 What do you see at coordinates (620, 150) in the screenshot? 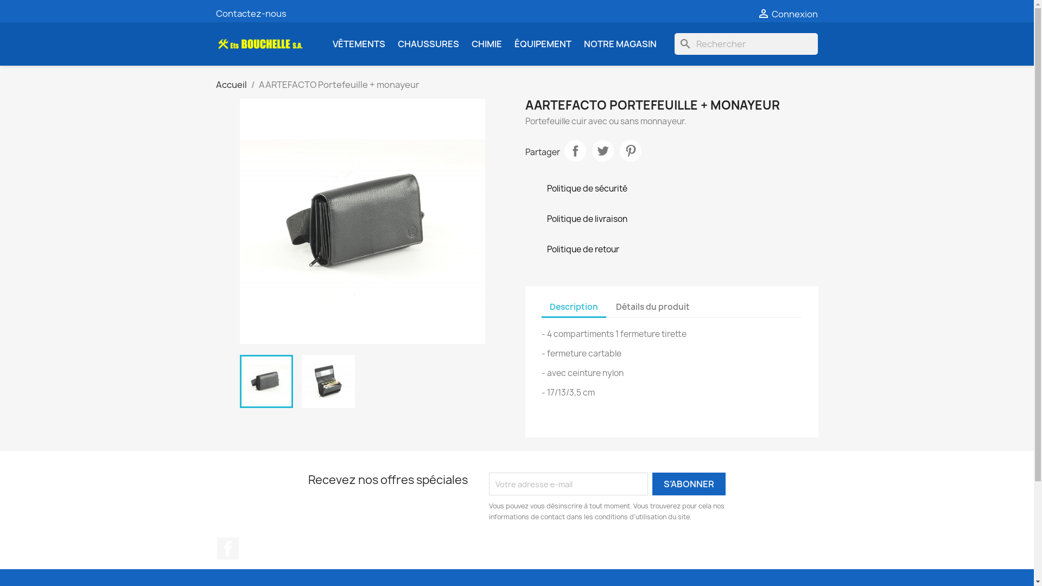
I see `'Pinterest'` at bounding box center [620, 150].